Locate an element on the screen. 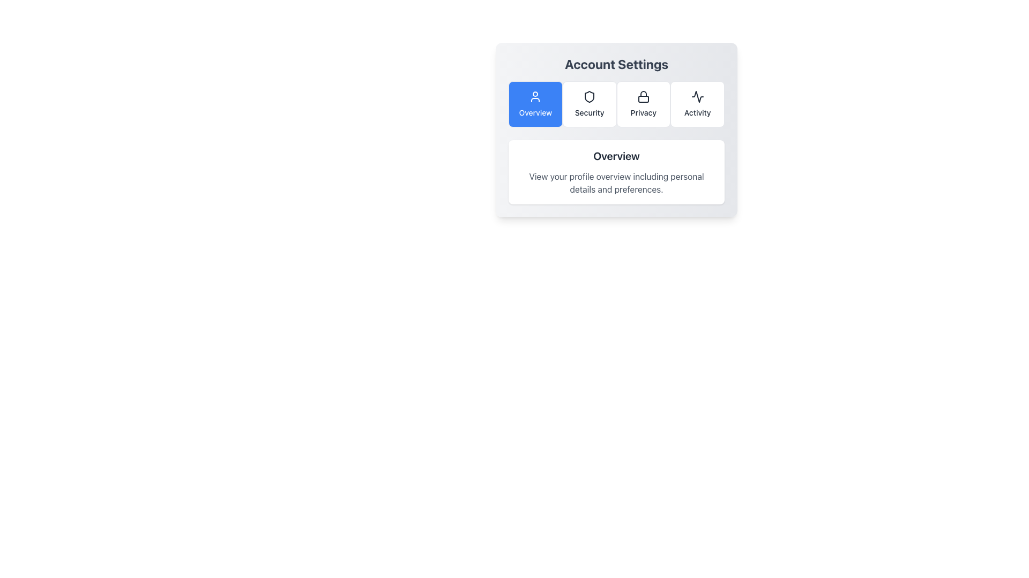 The image size is (1029, 578). the 'Account Settings' navigation bar is located at coordinates (616, 104).